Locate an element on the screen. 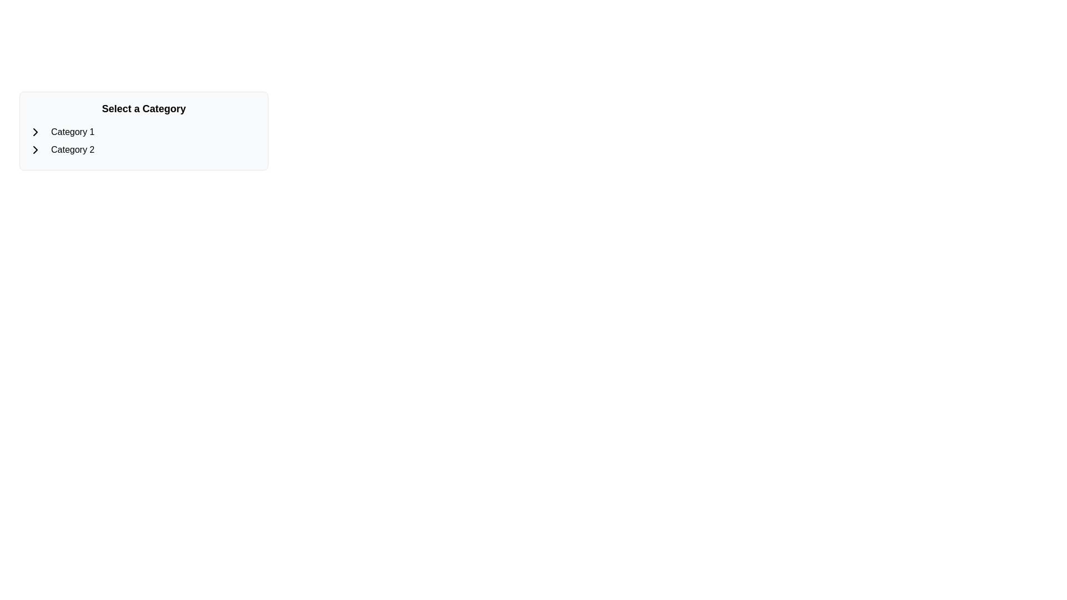  the button with a rightward arrow icon, located at the far left of the entry labeled 'Category 2' is located at coordinates (35, 150).